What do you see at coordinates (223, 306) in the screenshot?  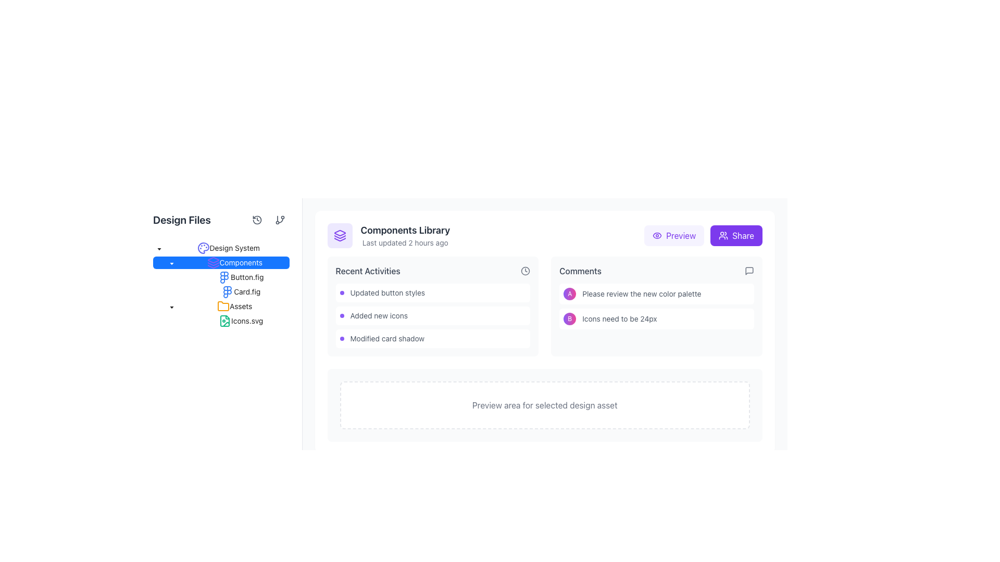 I see `the folder icon representing the 'Assets' section in the hierarchical tree structure, which is positioned to the left of the text labeled 'Assets'` at bounding box center [223, 306].